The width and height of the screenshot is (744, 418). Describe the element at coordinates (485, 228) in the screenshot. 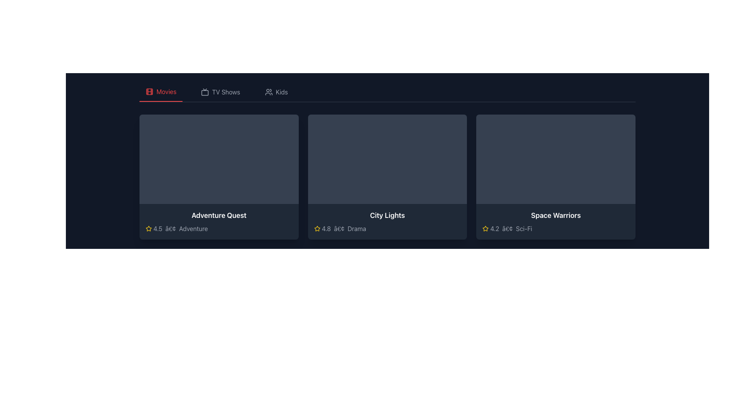

I see `the yellow star icon located to the far left of the rating section below the movie title 'Space Warriors'` at that location.